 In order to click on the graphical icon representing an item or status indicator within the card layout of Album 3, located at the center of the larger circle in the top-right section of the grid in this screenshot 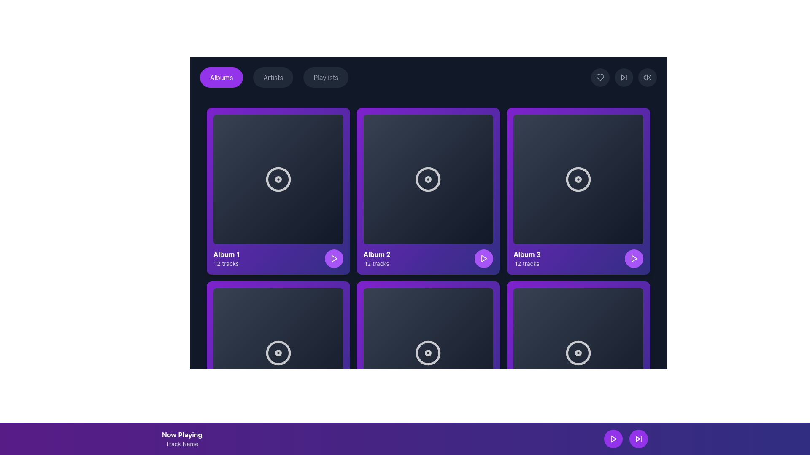, I will do `click(578, 179)`.